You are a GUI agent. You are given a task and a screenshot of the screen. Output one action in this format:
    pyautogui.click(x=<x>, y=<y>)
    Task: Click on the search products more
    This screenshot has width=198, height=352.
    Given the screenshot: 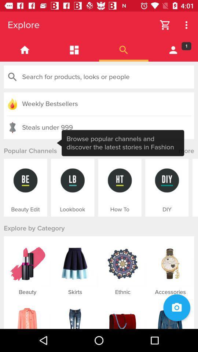 What is the action you would take?
    pyautogui.click(x=124, y=49)
    